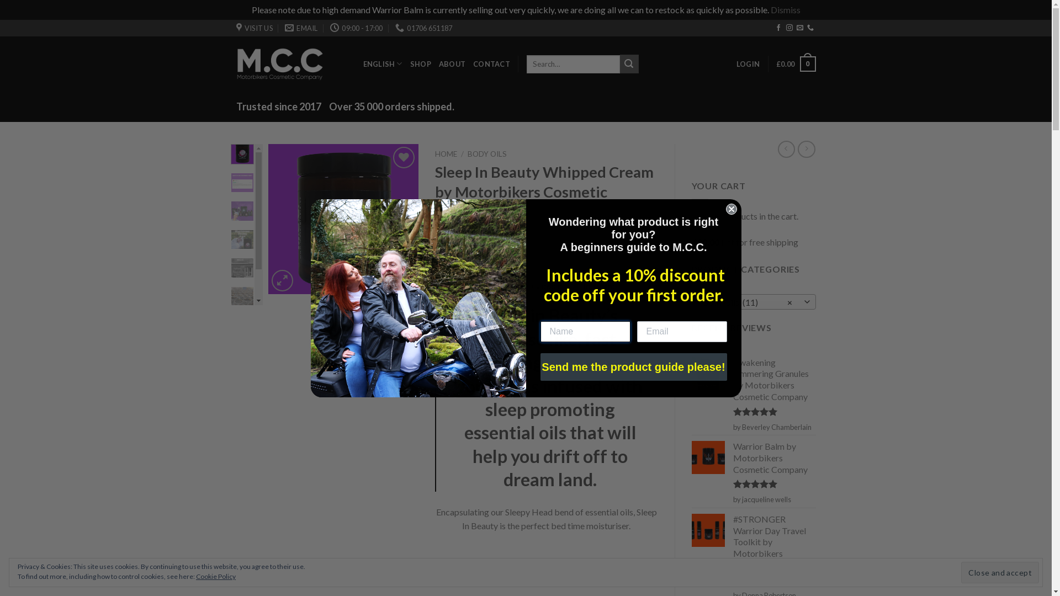 The image size is (1060, 596). What do you see at coordinates (748, 63) in the screenshot?
I see `'LOGIN'` at bounding box center [748, 63].